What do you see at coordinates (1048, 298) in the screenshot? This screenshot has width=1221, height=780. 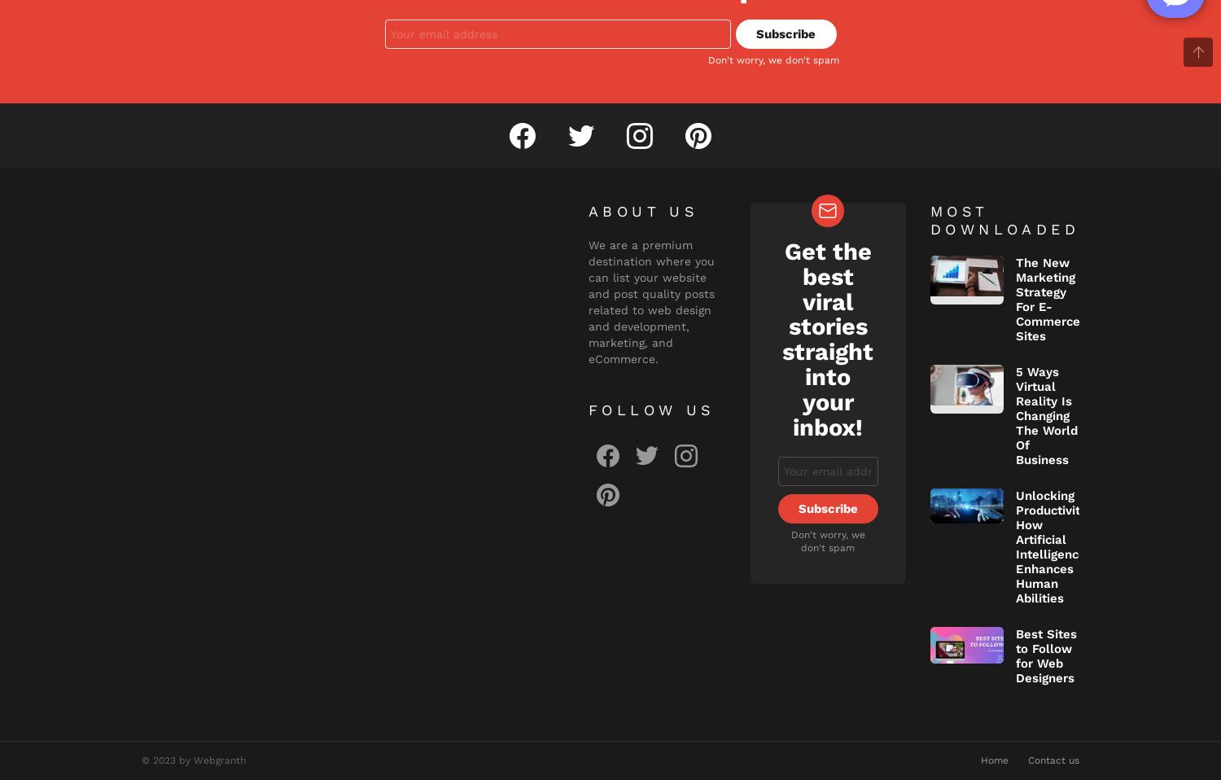 I see `'The New Marketing Strategy For E-Commerce Sites'` at bounding box center [1048, 298].